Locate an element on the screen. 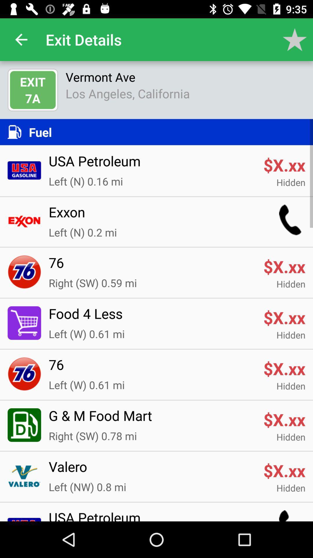 Image resolution: width=313 pixels, height=558 pixels. the food 4 less item is located at coordinates (152, 317).